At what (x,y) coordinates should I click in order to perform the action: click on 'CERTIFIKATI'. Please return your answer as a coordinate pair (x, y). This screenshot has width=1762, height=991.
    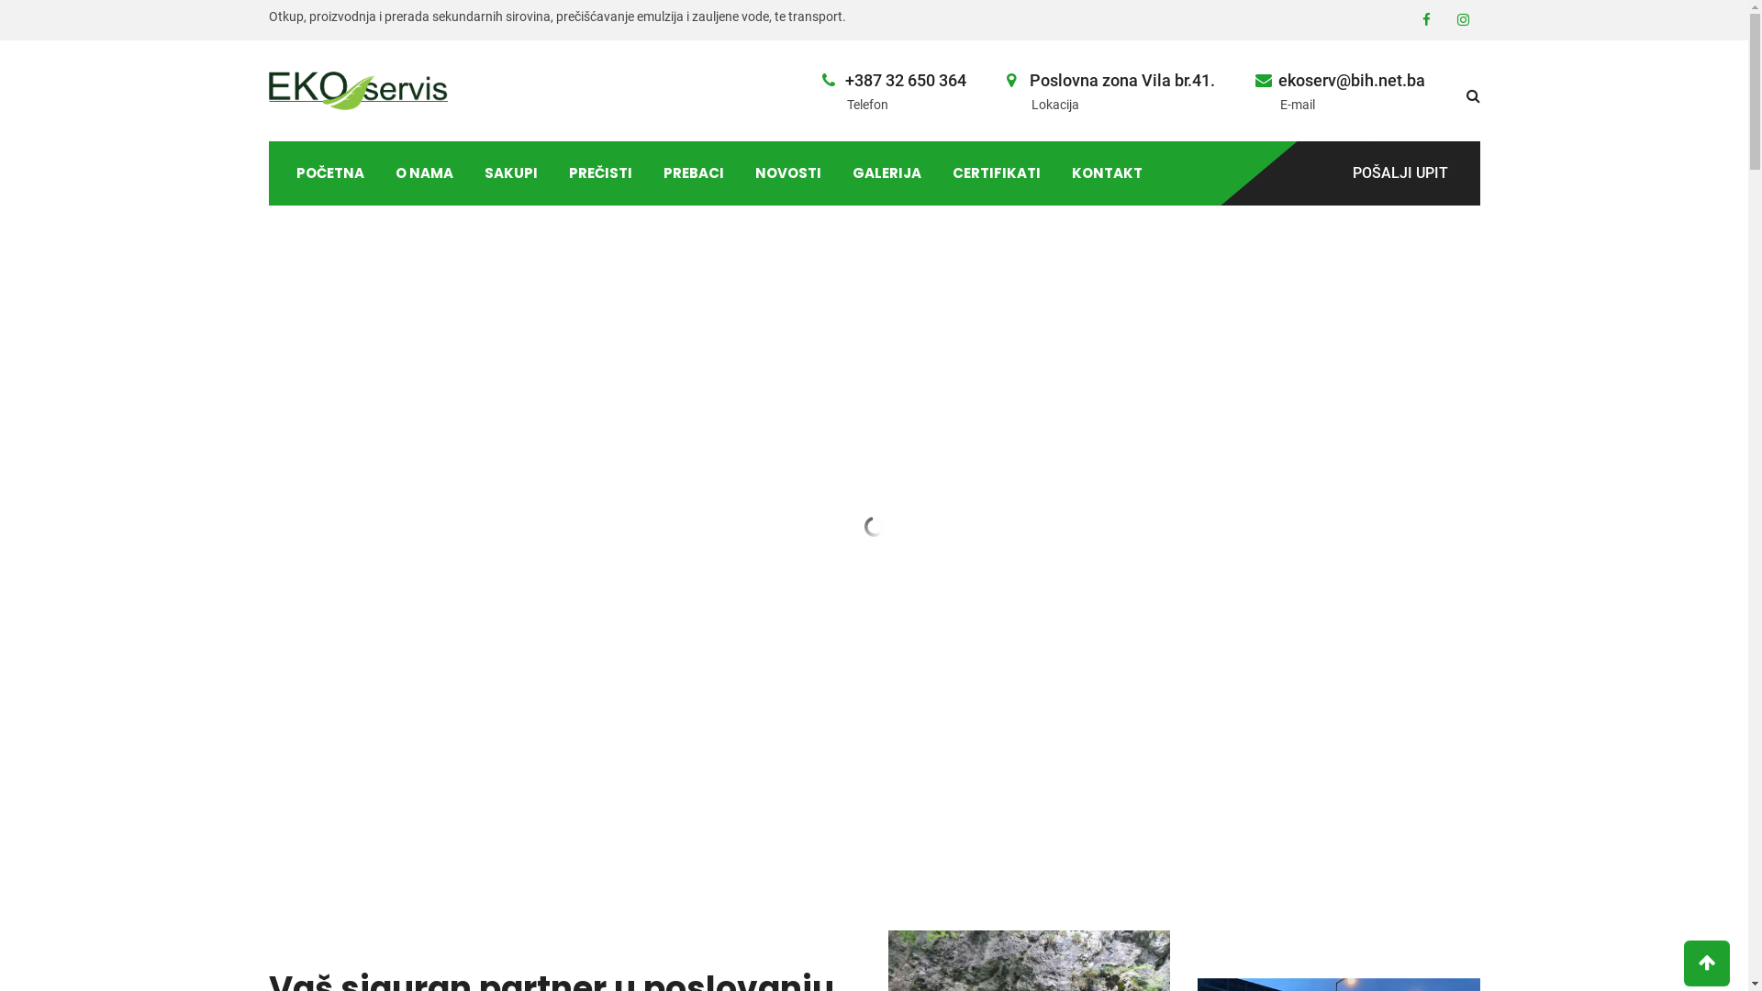
    Looking at the image, I should click on (994, 173).